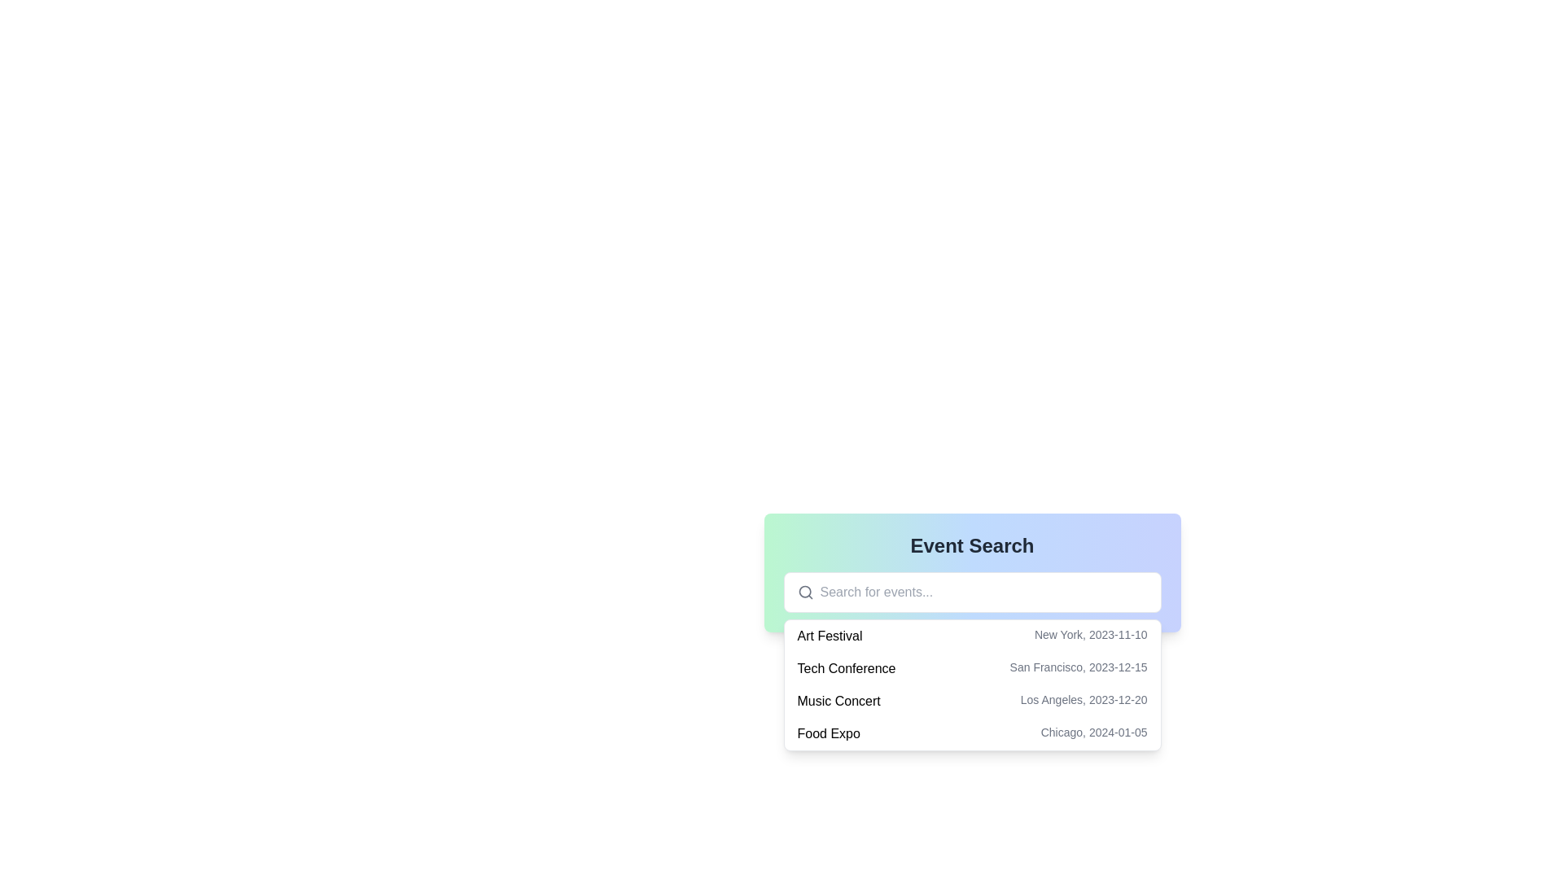 This screenshot has width=1563, height=879. I want to click on to select the event in the second row of the 'Event Search' list, positioned below 'Art Festival' and above 'Music Concert', so click(972, 668).